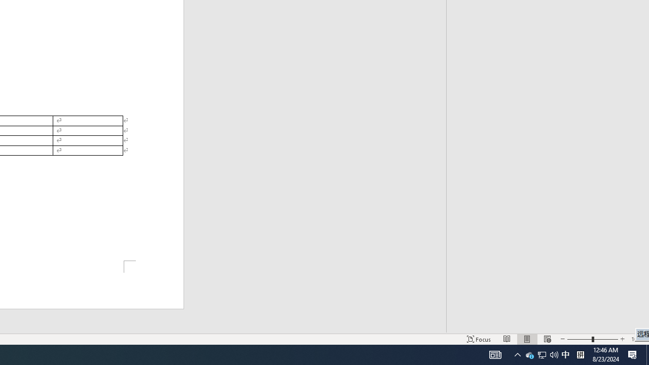 The image size is (649, 365). Describe the element at coordinates (637, 339) in the screenshot. I see `'Zoom 100%'` at that location.